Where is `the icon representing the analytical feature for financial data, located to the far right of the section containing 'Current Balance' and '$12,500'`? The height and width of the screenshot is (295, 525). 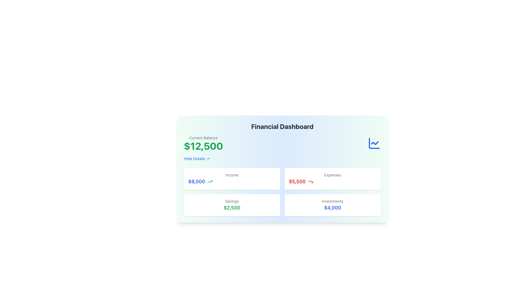
the icon representing the analytical feature for financial data, located to the far right of the section containing 'Current Balance' and '$12,500' is located at coordinates (374, 143).